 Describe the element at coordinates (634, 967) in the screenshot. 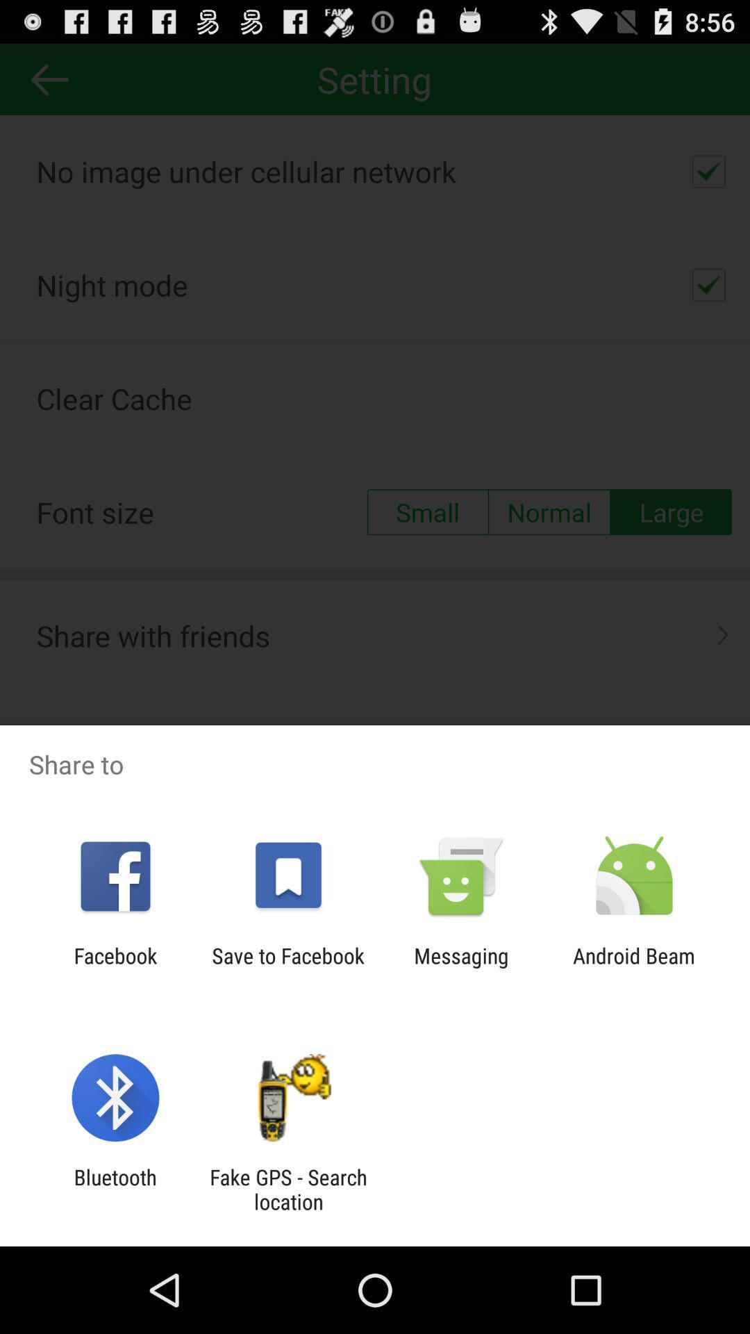

I see `app at the bottom right corner` at that location.